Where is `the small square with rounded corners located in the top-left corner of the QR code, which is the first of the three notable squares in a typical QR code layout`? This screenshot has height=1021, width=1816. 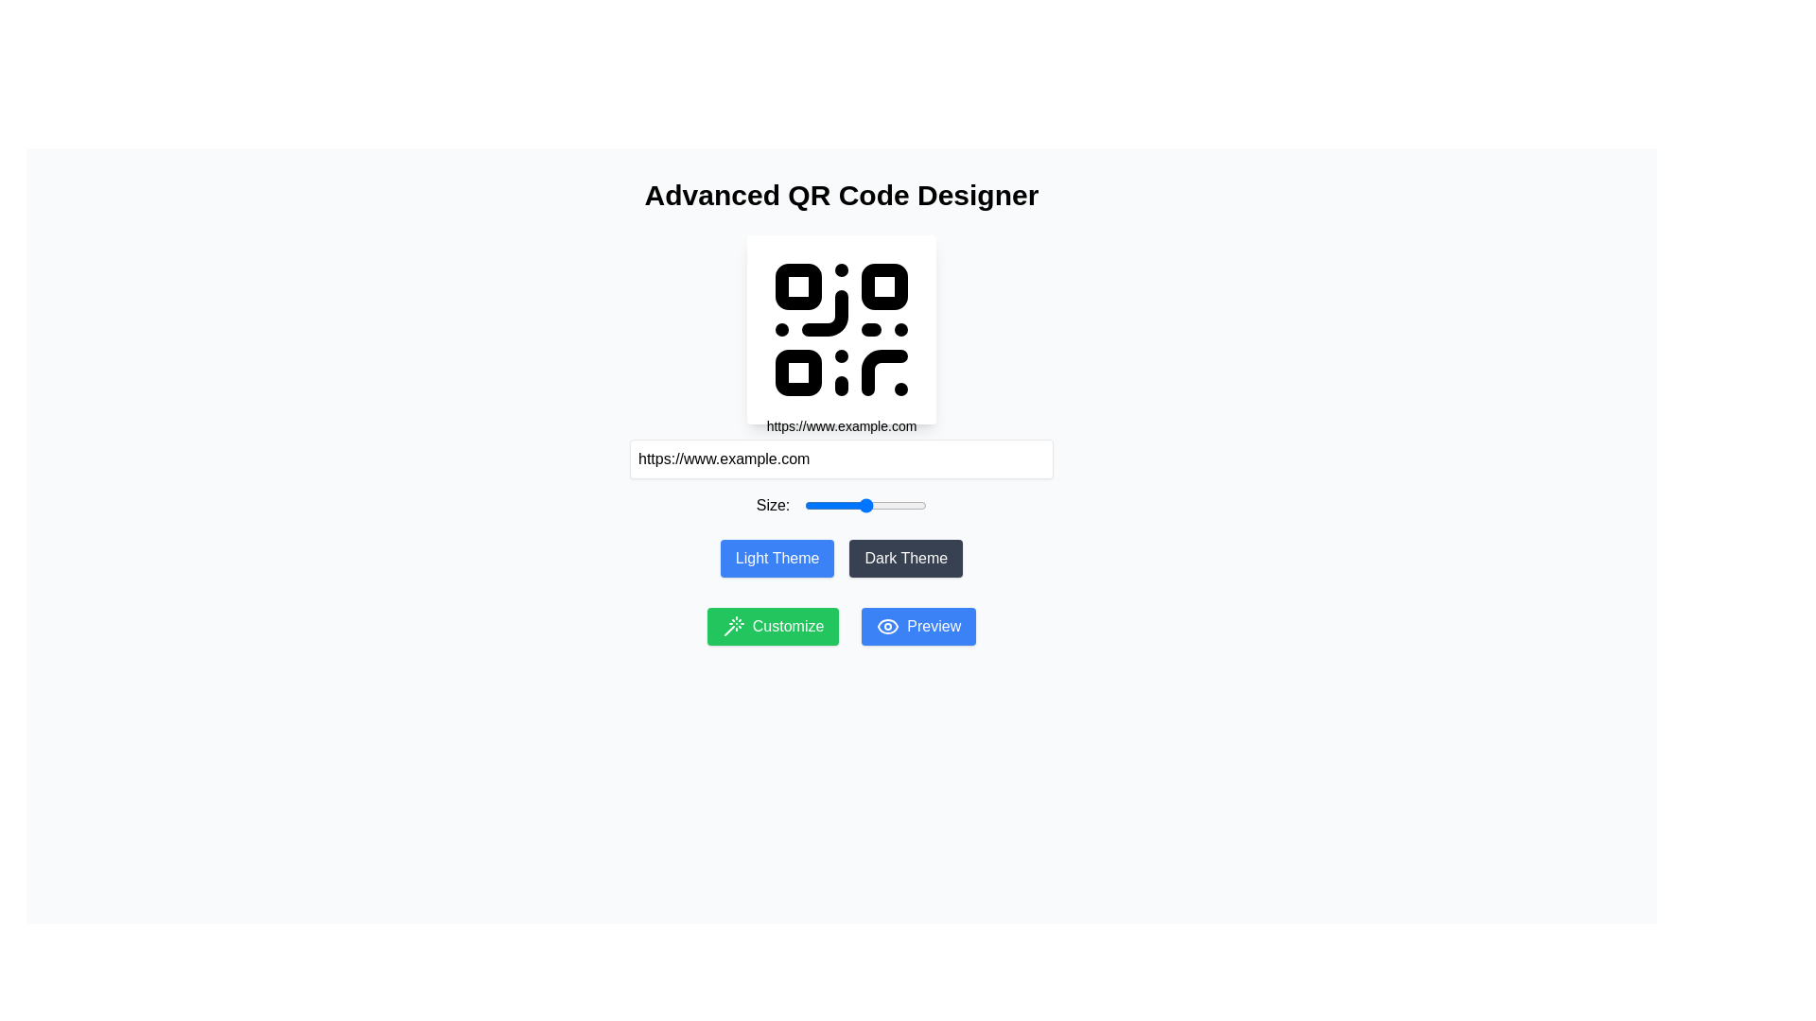
the small square with rounded corners located in the top-left corner of the QR code, which is the first of the three notable squares in a typical QR code layout is located at coordinates (798, 286).